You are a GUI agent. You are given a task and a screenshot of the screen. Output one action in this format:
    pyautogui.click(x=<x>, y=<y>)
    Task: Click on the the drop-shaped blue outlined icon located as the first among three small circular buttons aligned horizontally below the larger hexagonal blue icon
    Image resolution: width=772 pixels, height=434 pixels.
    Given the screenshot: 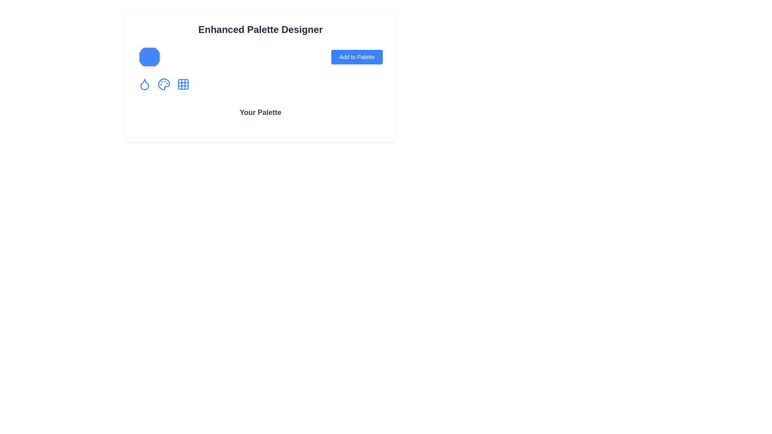 What is the action you would take?
    pyautogui.click(x=145, y=84)
    